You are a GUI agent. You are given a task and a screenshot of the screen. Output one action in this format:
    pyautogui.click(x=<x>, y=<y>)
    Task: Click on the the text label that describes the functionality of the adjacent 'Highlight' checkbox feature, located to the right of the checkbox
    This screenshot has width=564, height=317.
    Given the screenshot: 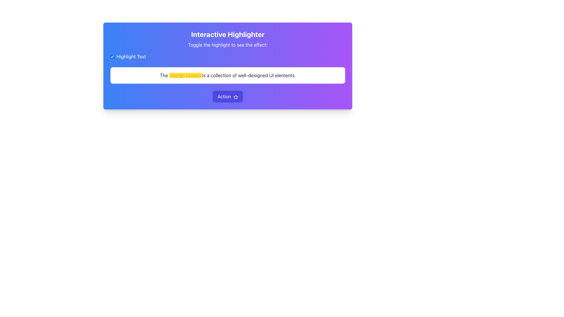 What is the action you would take?
    pyautogui.click(x=131, y=56)
    